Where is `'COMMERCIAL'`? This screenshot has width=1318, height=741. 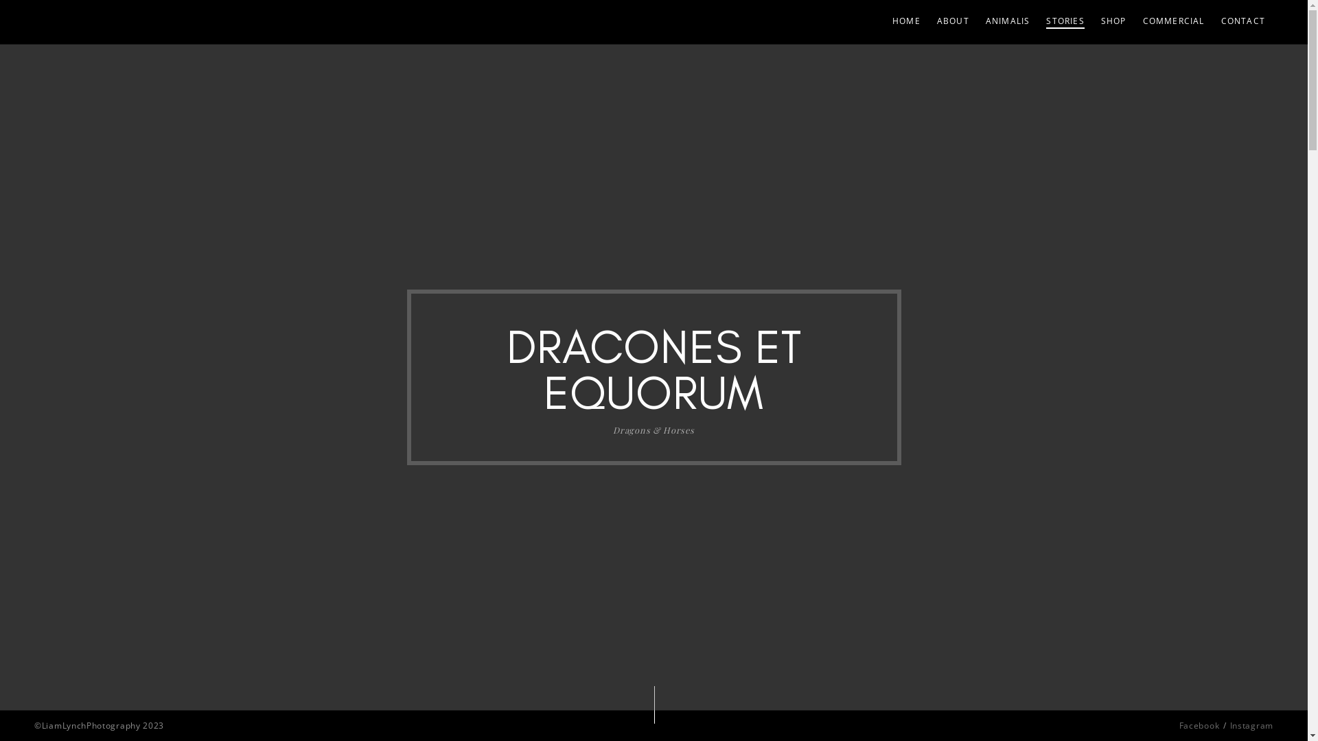
'COMMERCIAL' is located at coordinates (1172, 21).